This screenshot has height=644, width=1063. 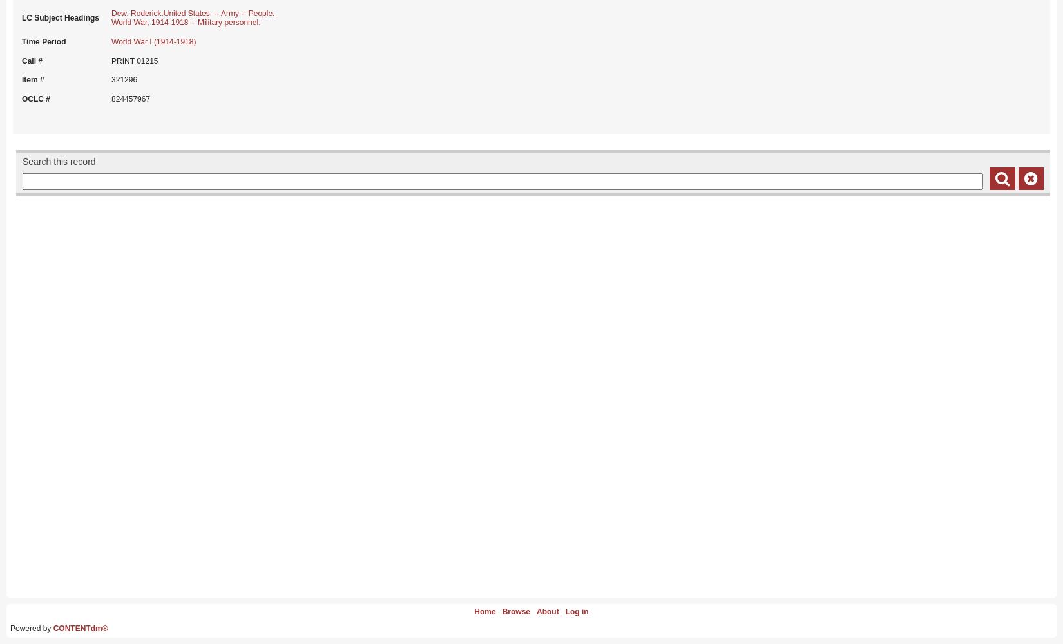 I want to click on 'CONTENTdm®', so click(x=80, y=628).